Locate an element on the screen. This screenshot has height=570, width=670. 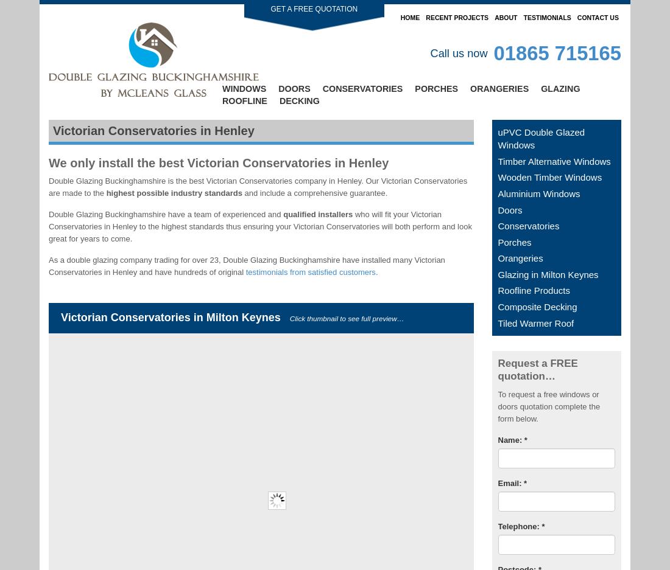
'Double Glazing Buckinghamshire is the best Victorian Conservatories company in Henley. Our Victorian Conservatories are made to the' is located at coordinates (48, 186).